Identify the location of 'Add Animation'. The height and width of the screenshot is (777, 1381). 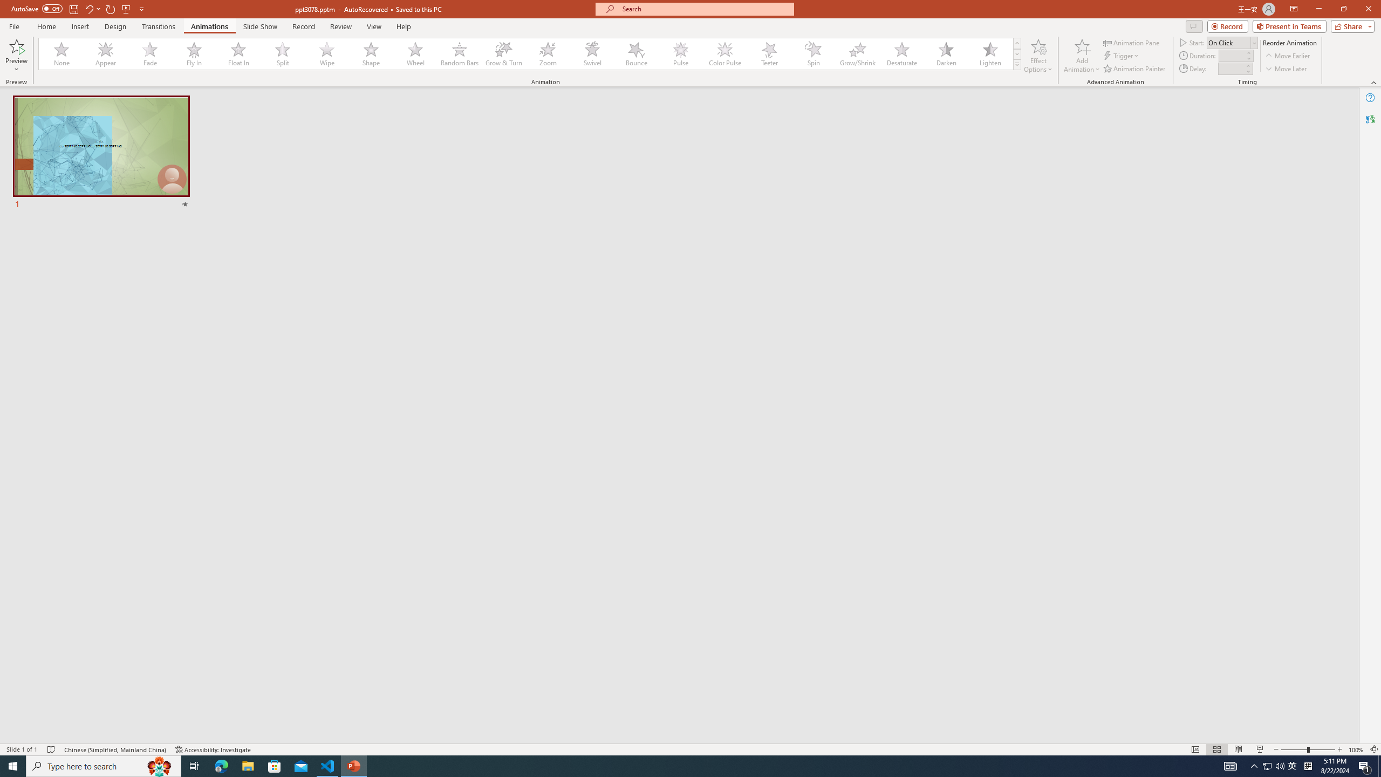
(1082, 56).